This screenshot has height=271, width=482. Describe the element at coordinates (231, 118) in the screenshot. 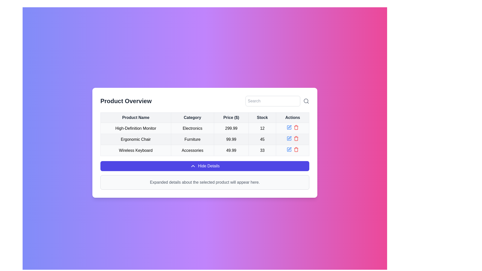

I see `the third column header in the table that signifies the price of items in dollars, positioned between 'Category' and 'Stock'` at that location.